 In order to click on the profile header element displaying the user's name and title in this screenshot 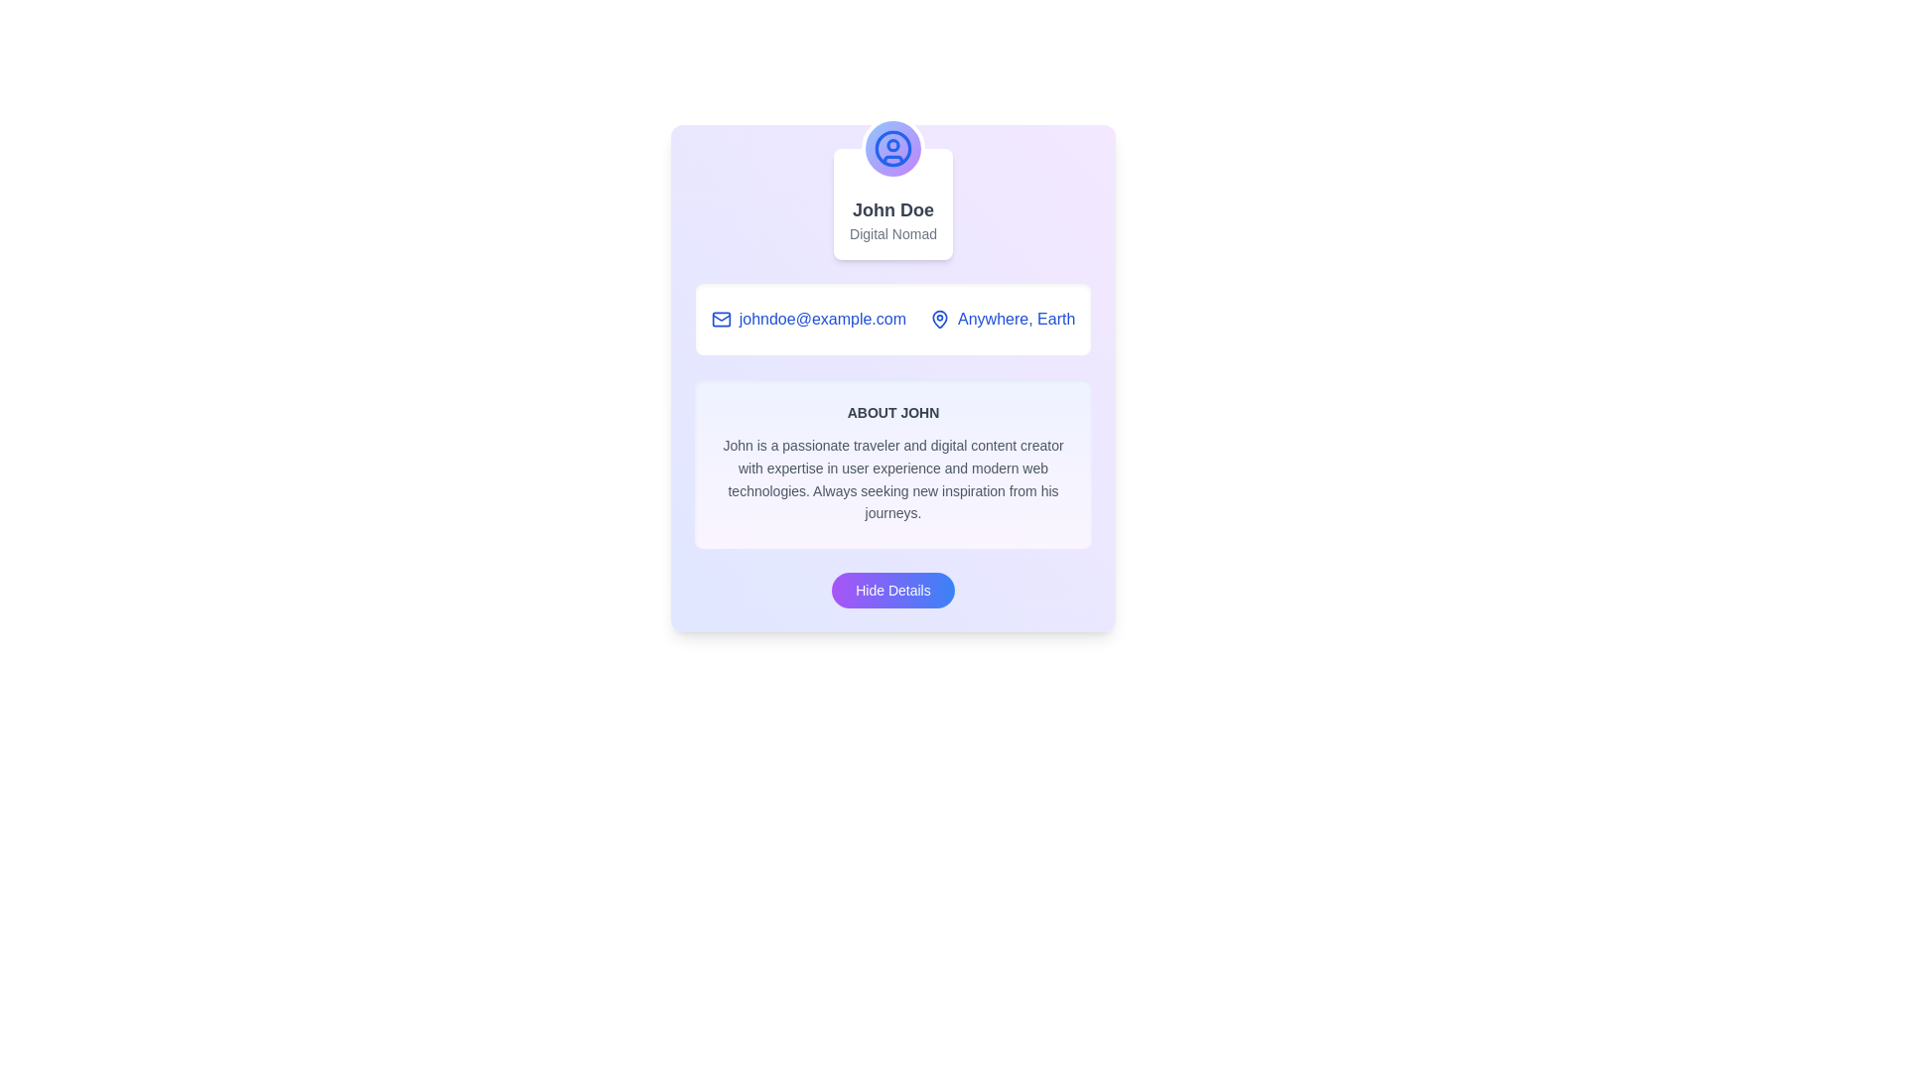, I will do `click(892, 203)`.